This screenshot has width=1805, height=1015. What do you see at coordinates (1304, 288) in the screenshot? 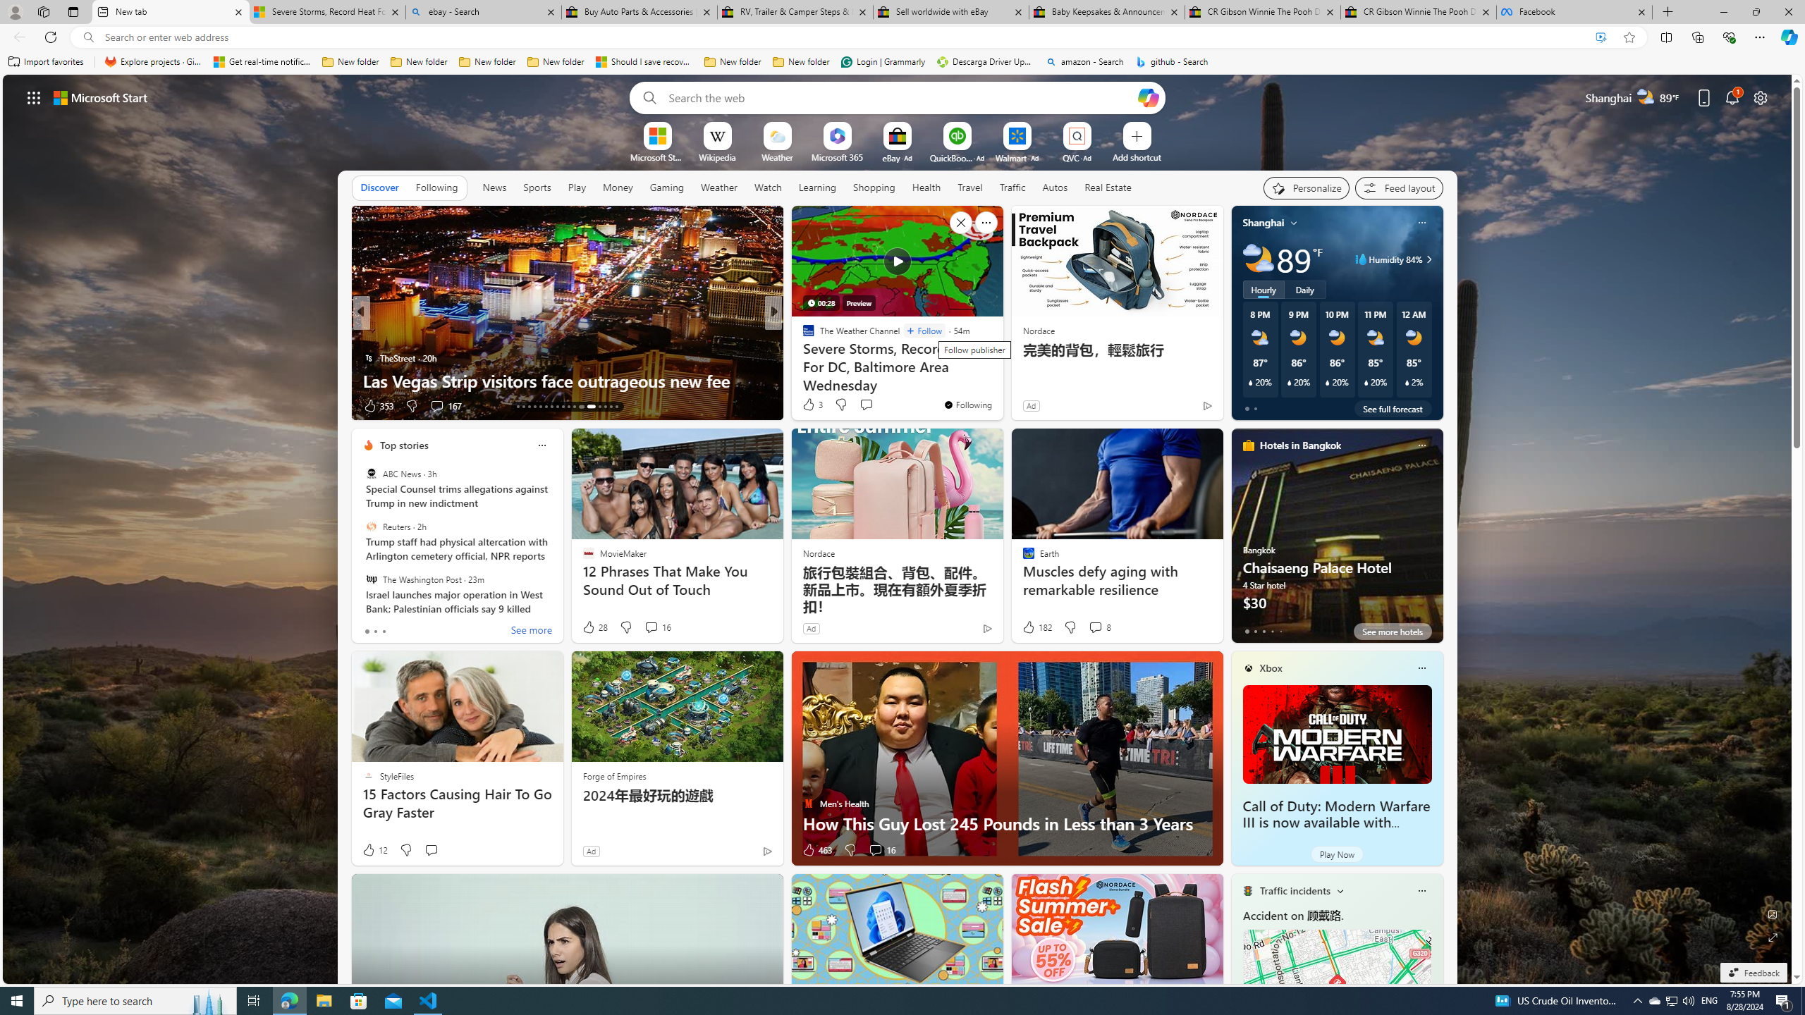
I see `'Daily'` at bounding box center [1304, 288].